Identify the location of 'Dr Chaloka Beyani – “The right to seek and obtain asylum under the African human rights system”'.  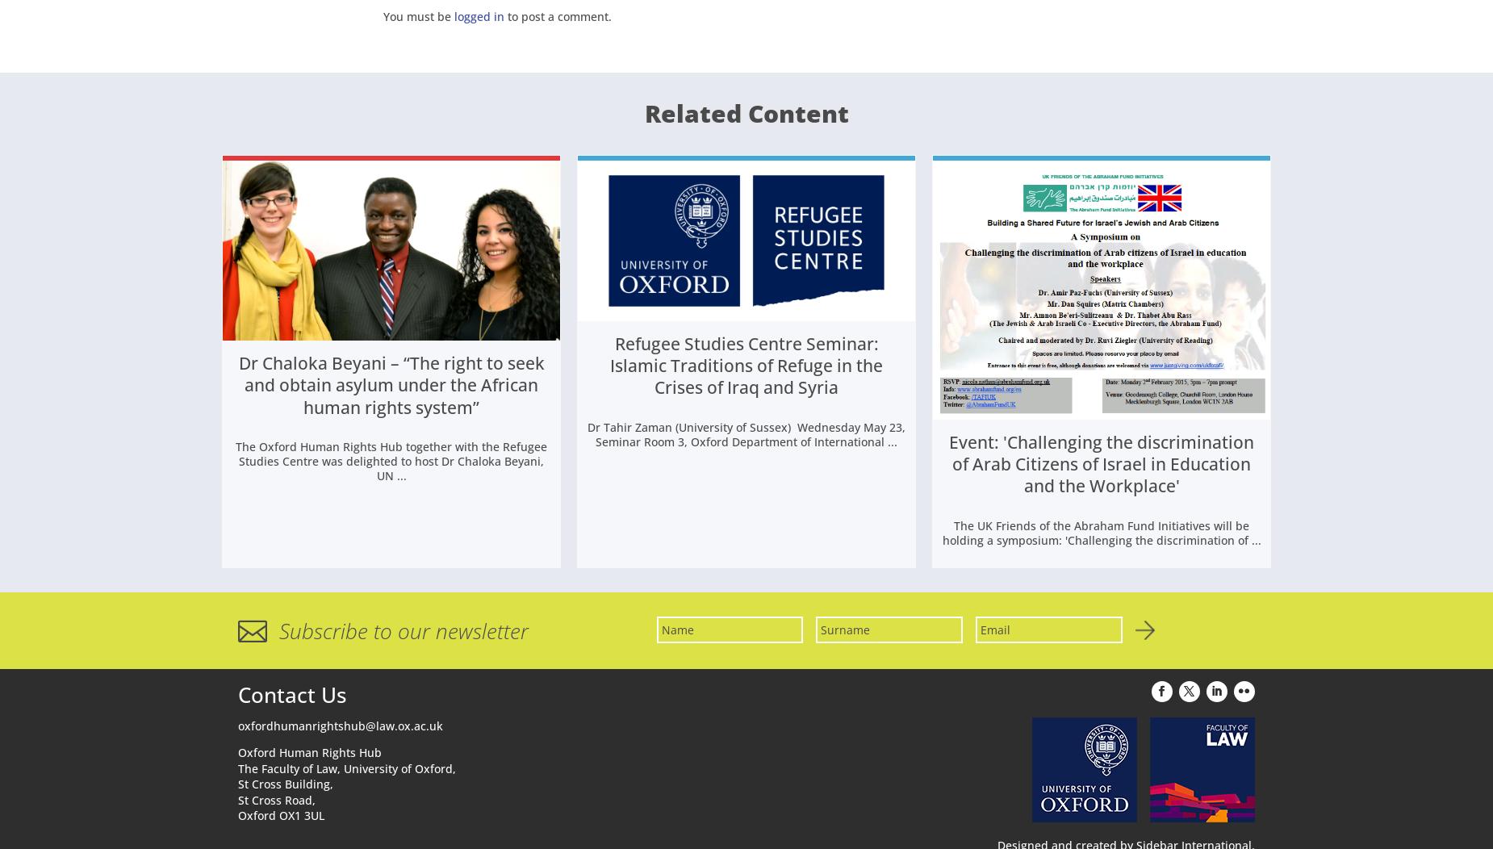
(391, 387).